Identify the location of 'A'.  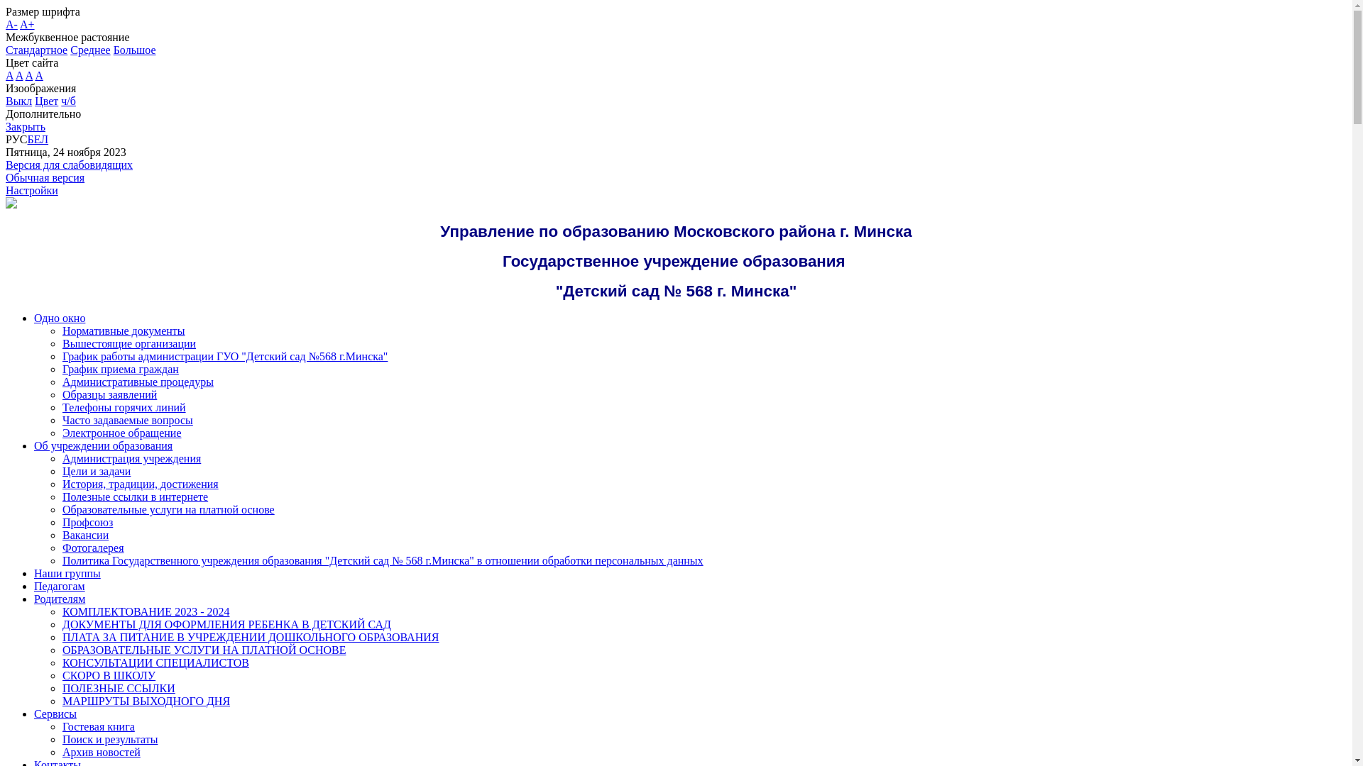
(38, 75).